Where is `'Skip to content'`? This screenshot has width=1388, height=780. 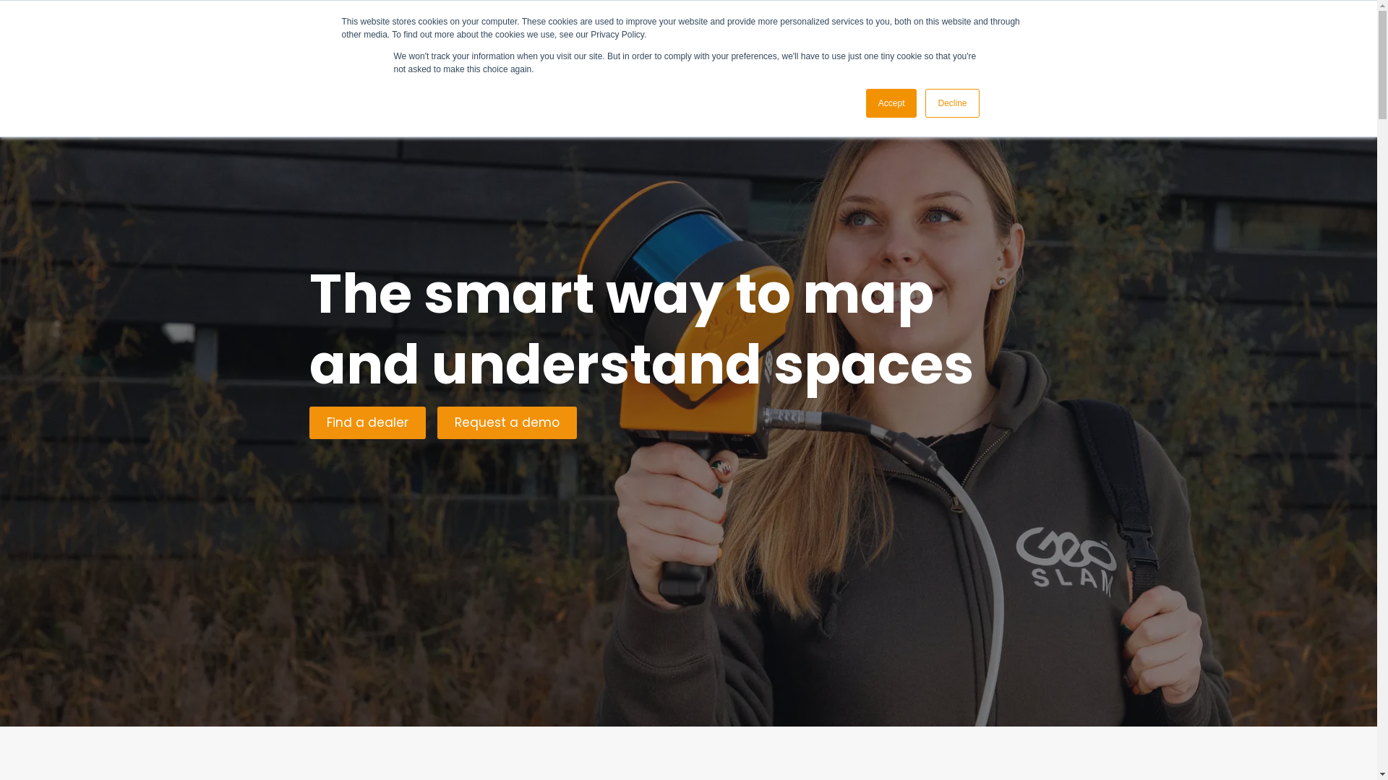 'Skip to content' is located at coordinates (14, 7).